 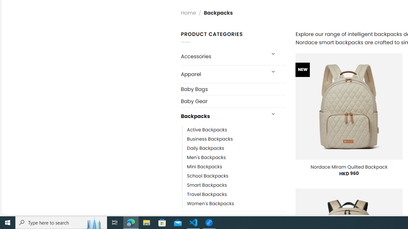 What do you see at coordinates (210, 204) in the screenshot?
I see `'Women'` at bounding box center [210, 204].